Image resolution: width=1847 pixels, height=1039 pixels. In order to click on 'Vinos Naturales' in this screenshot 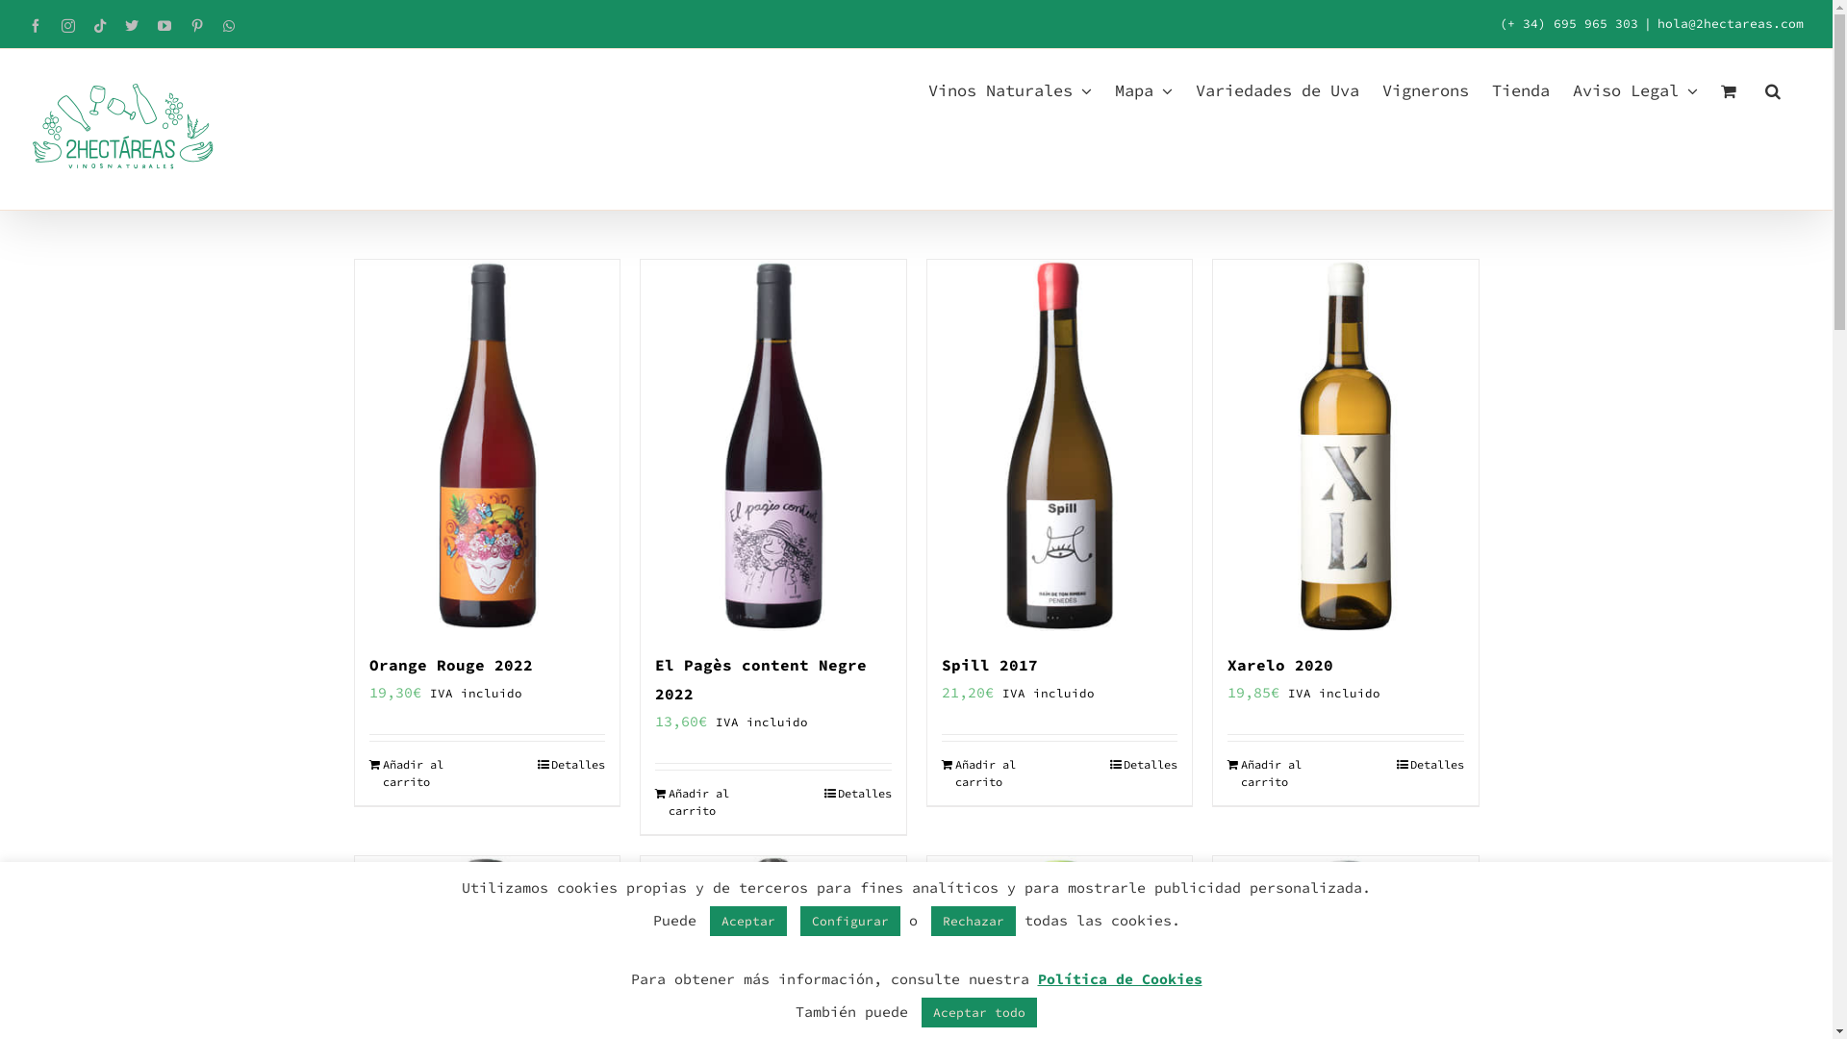, I will do `click(927, 89)`.